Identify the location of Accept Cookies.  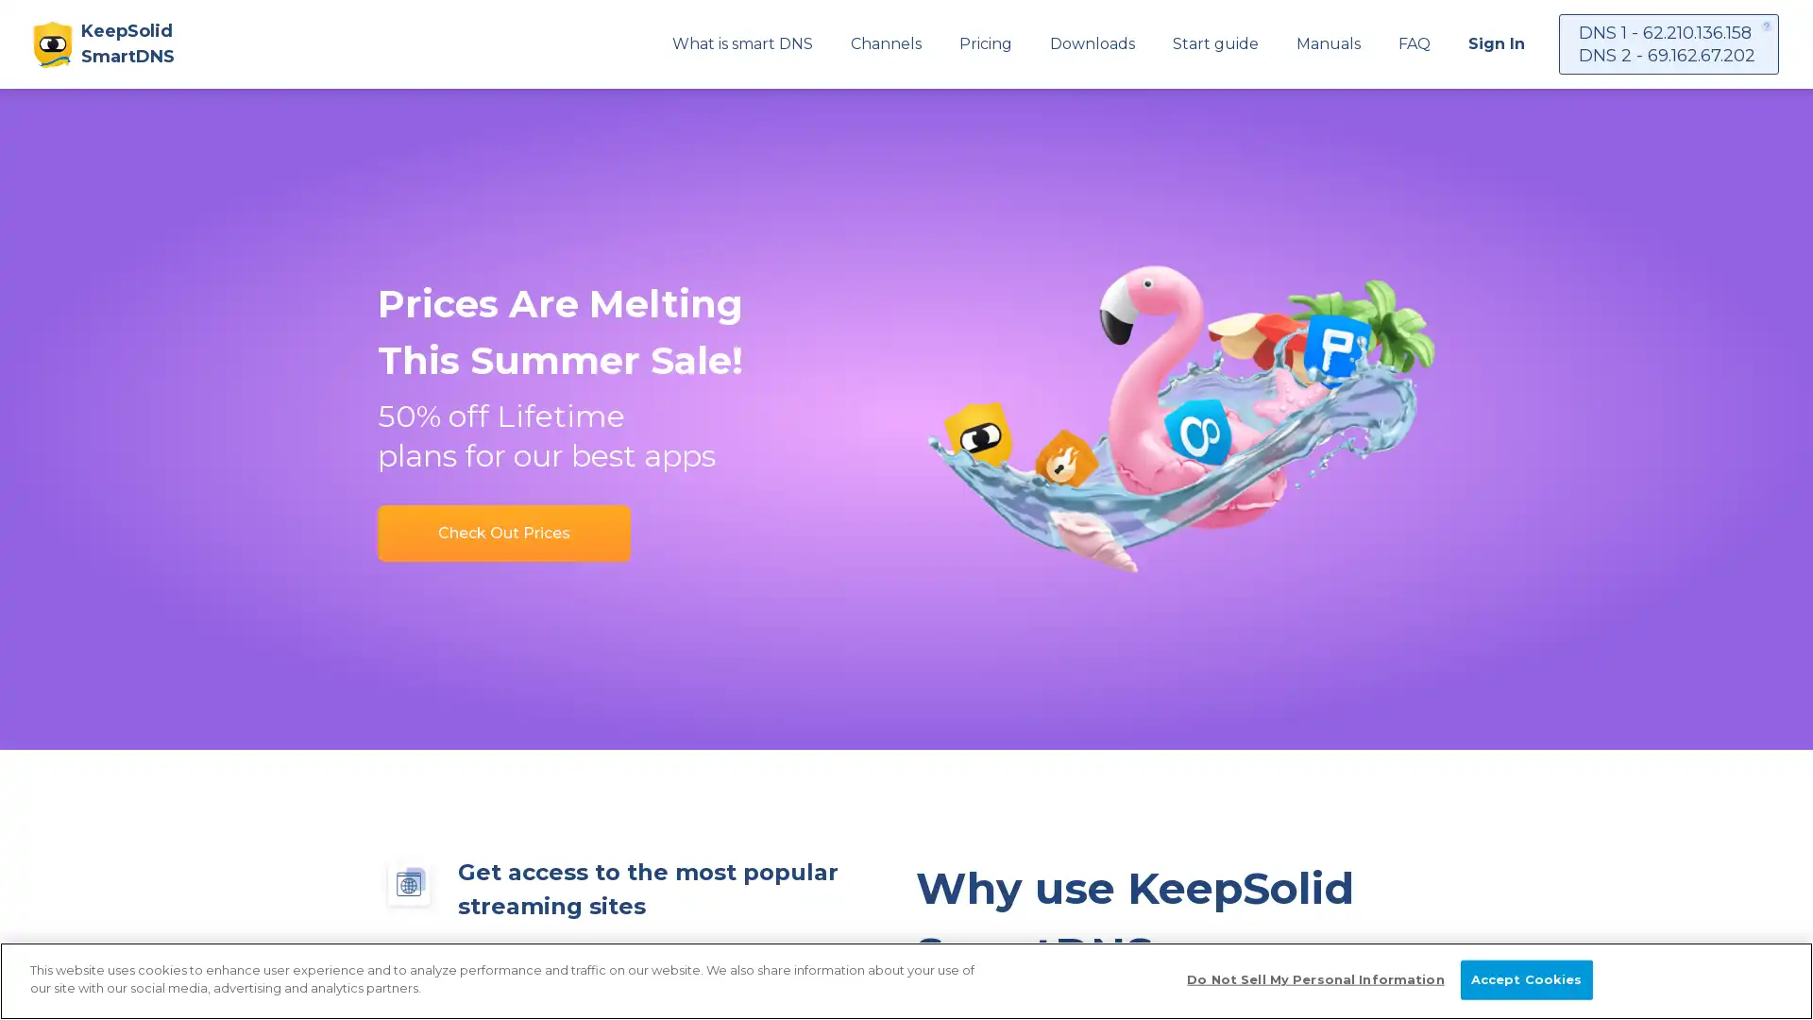
(1526, 978).